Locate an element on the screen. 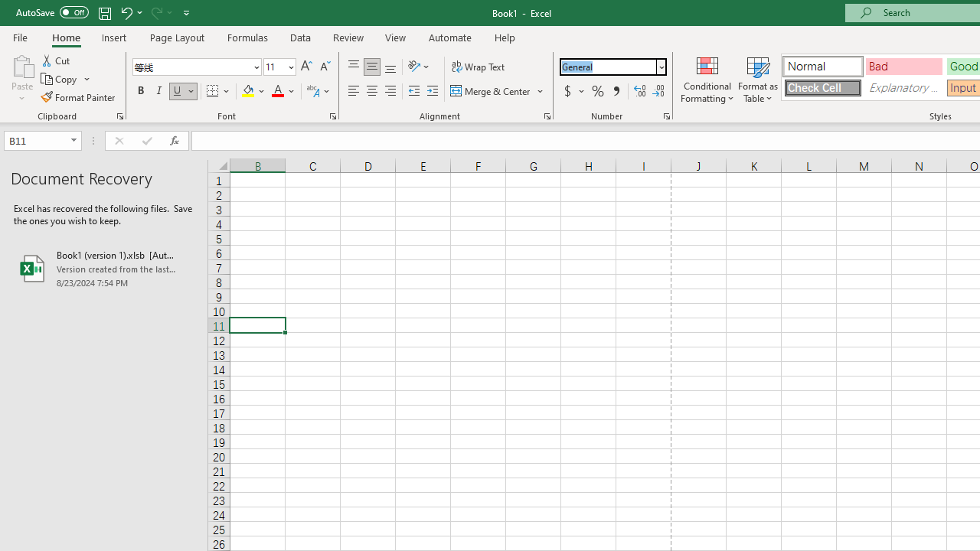 The height and width of the screenshot is (551, 980). 'Italic' is located at coordinates (159, 91).